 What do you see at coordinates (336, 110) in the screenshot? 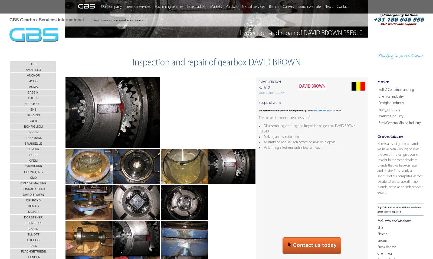
I see `'R5F610.'` at bounding box center [336, 110].